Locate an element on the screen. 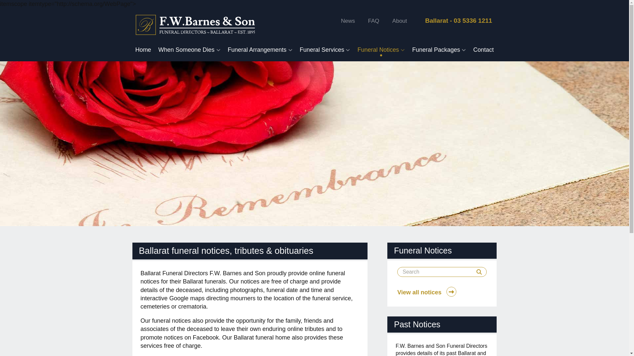 The height and width of the screenshot is (356, 634). 'Home' is located at coordinates (143, 49).